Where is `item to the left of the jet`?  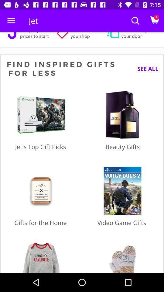
item to the left of the jet is located at coordinates (11, 21).